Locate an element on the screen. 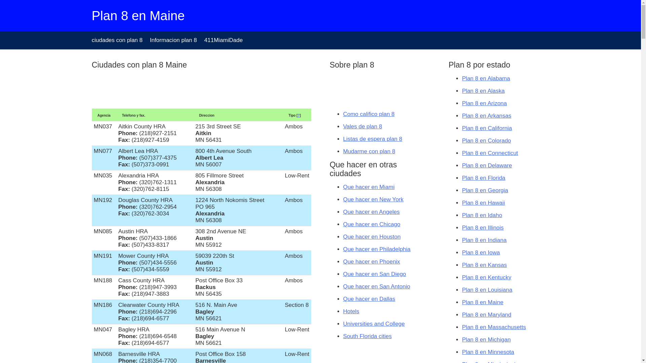  'Albert Lea HRA' is located at coordinates (118, 151).